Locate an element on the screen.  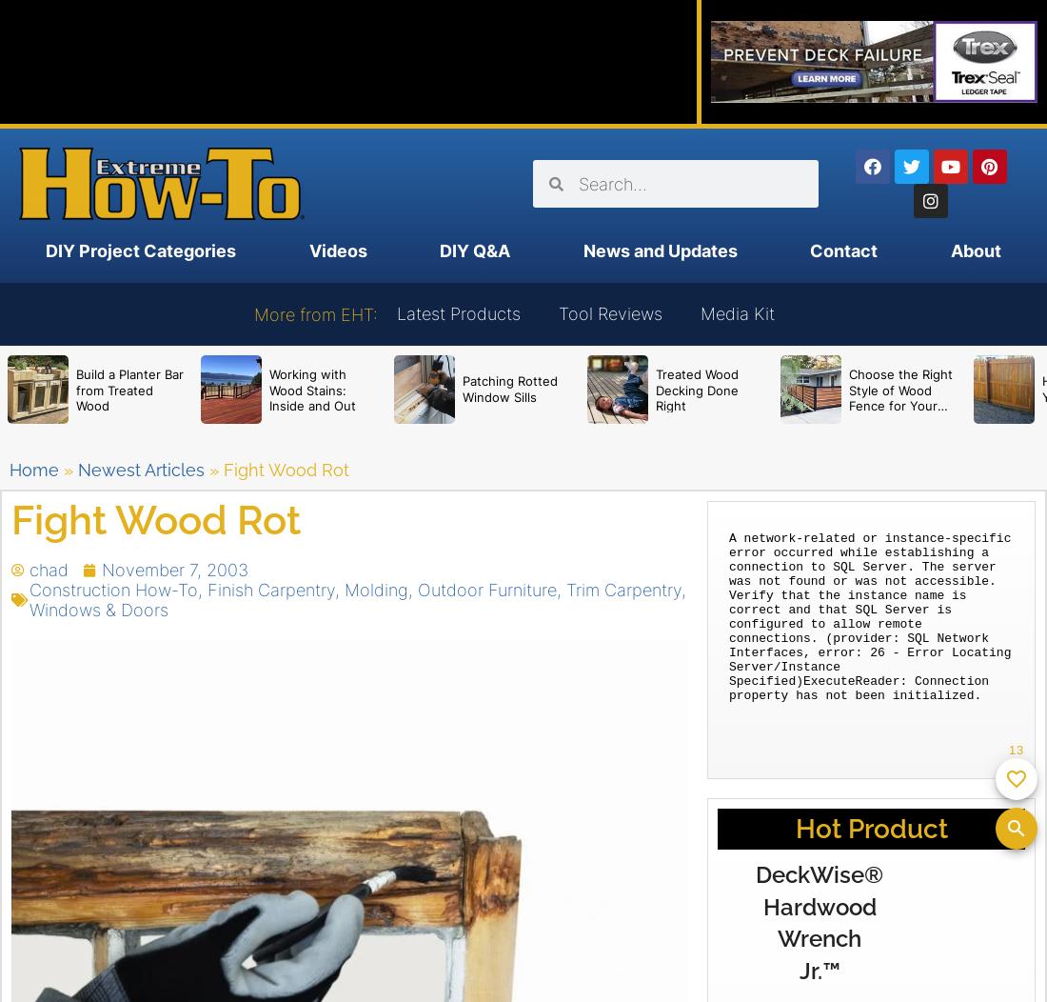
'Latest Products' is located at coordinates (457, 312).